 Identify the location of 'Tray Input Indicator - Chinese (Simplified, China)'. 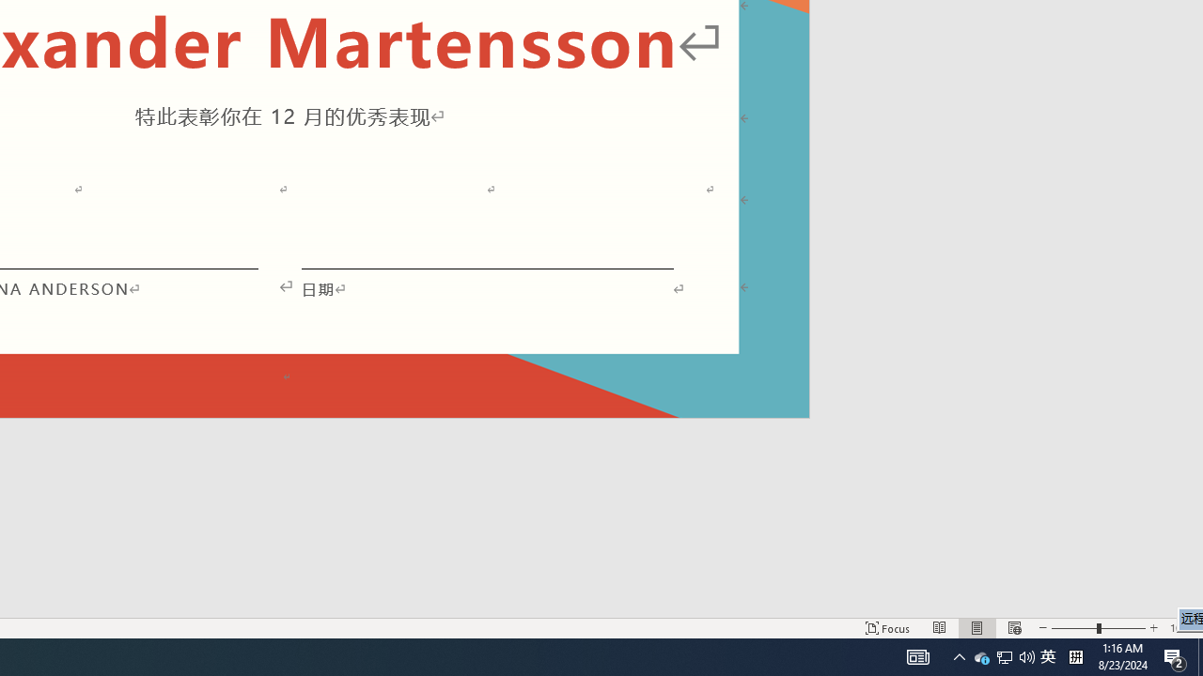
(1075, 655).